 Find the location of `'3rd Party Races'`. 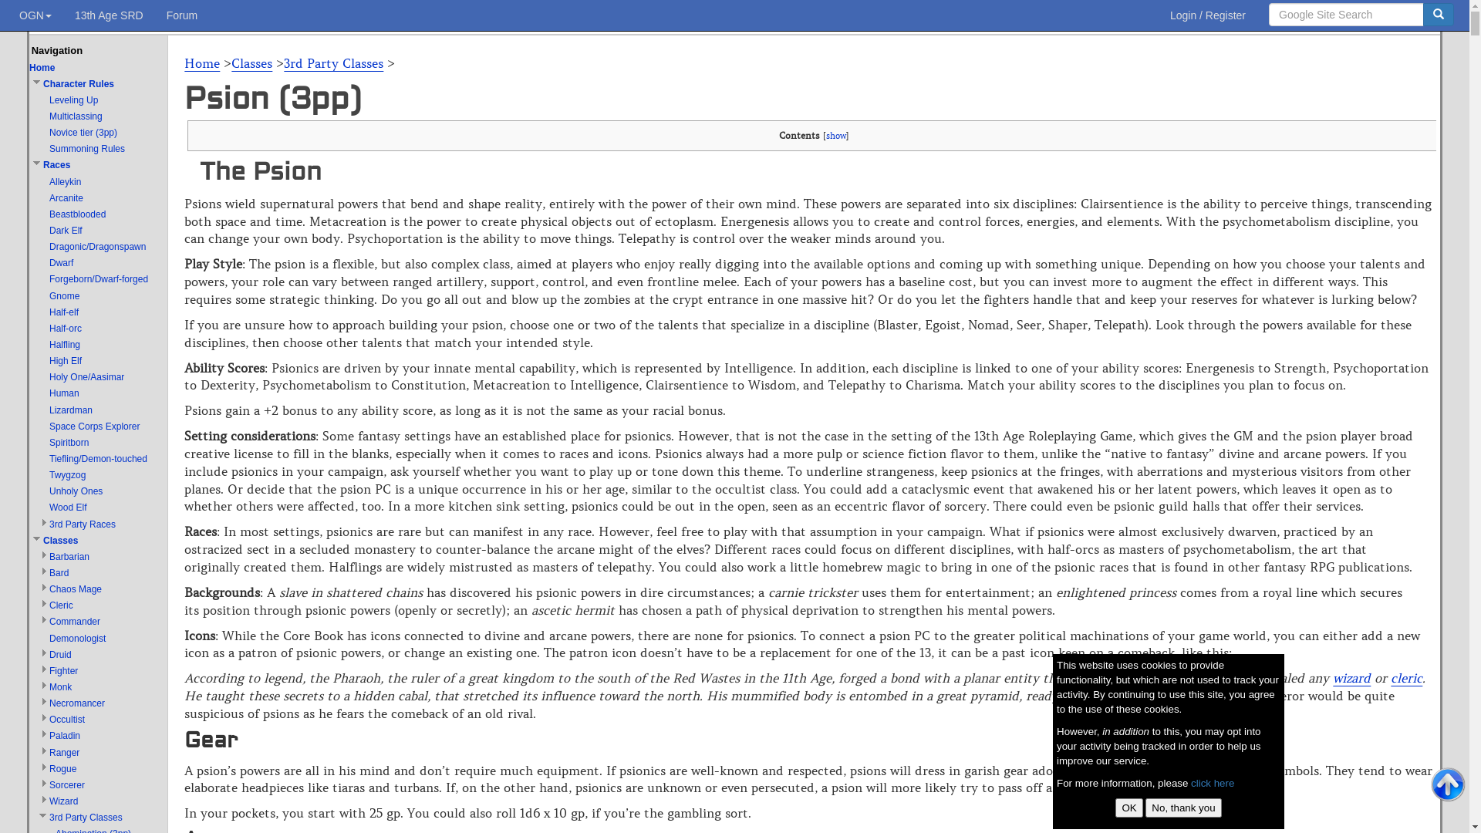

'3rd Party Races' is located at coordinates (81, 523).